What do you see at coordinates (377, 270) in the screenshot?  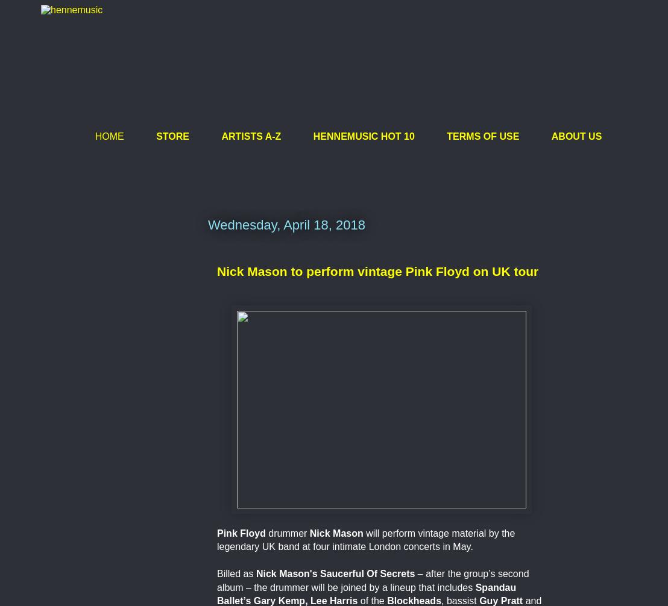 I see `'Nick Mason to perform vintage Pink Floyd on UK tour'` at bounding box center [377, 270].